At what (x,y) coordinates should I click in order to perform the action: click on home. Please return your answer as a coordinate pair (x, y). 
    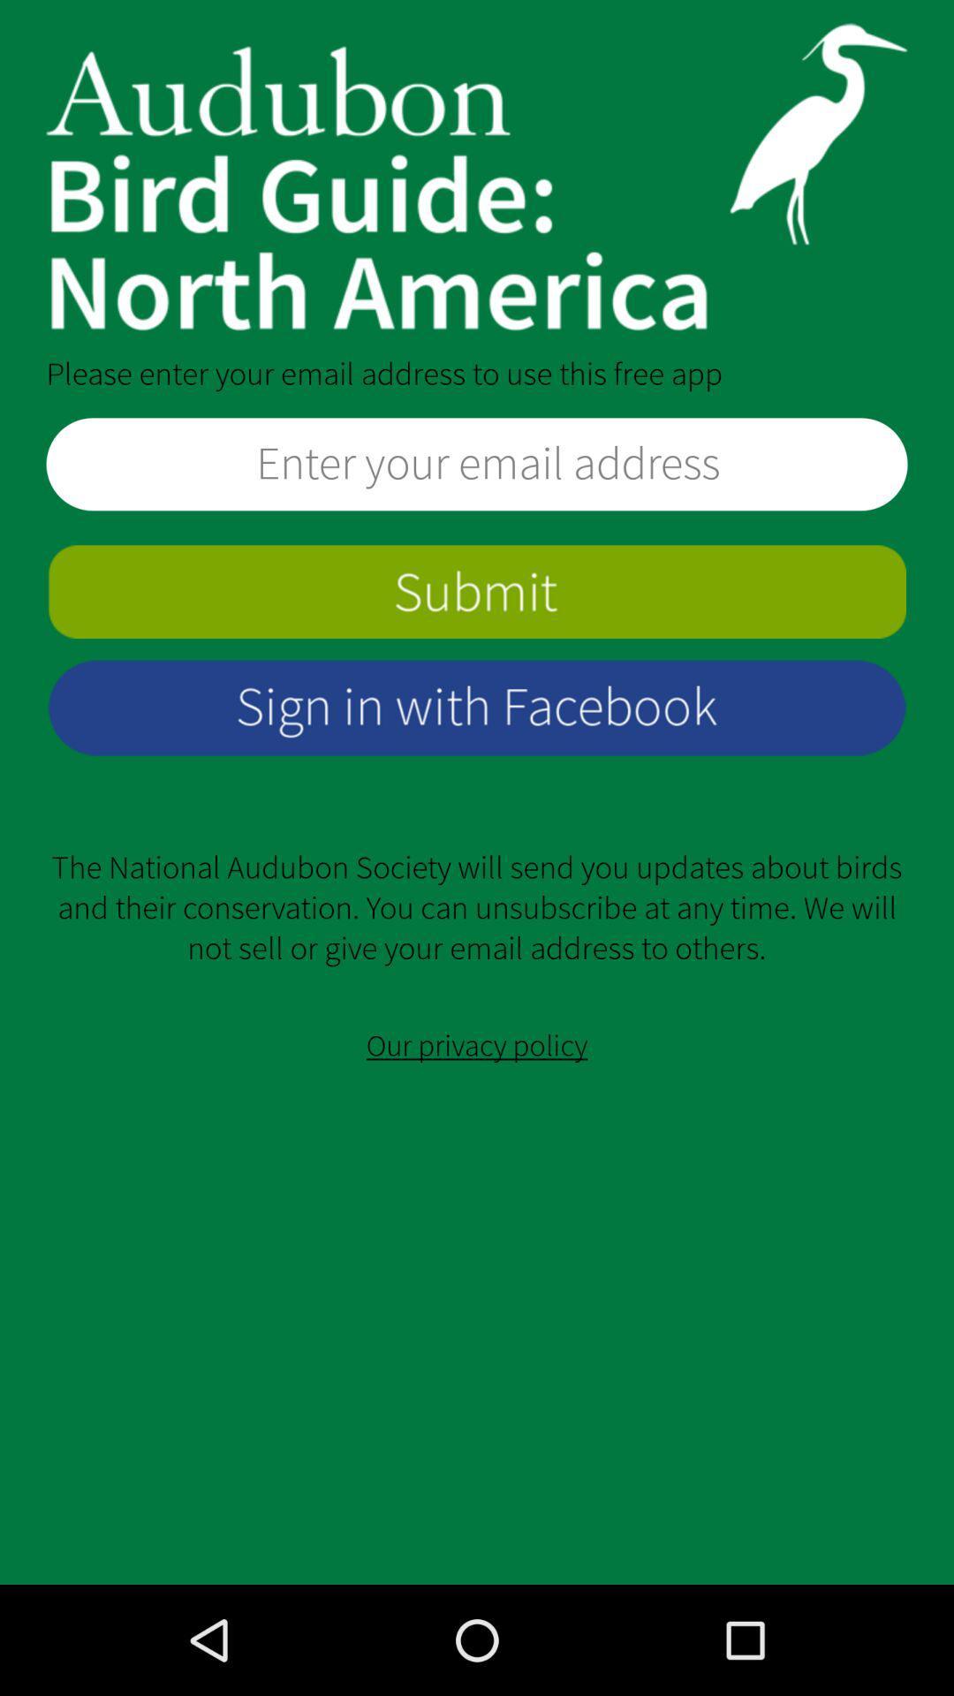
    Looking at the image, I should click on (477, 177).